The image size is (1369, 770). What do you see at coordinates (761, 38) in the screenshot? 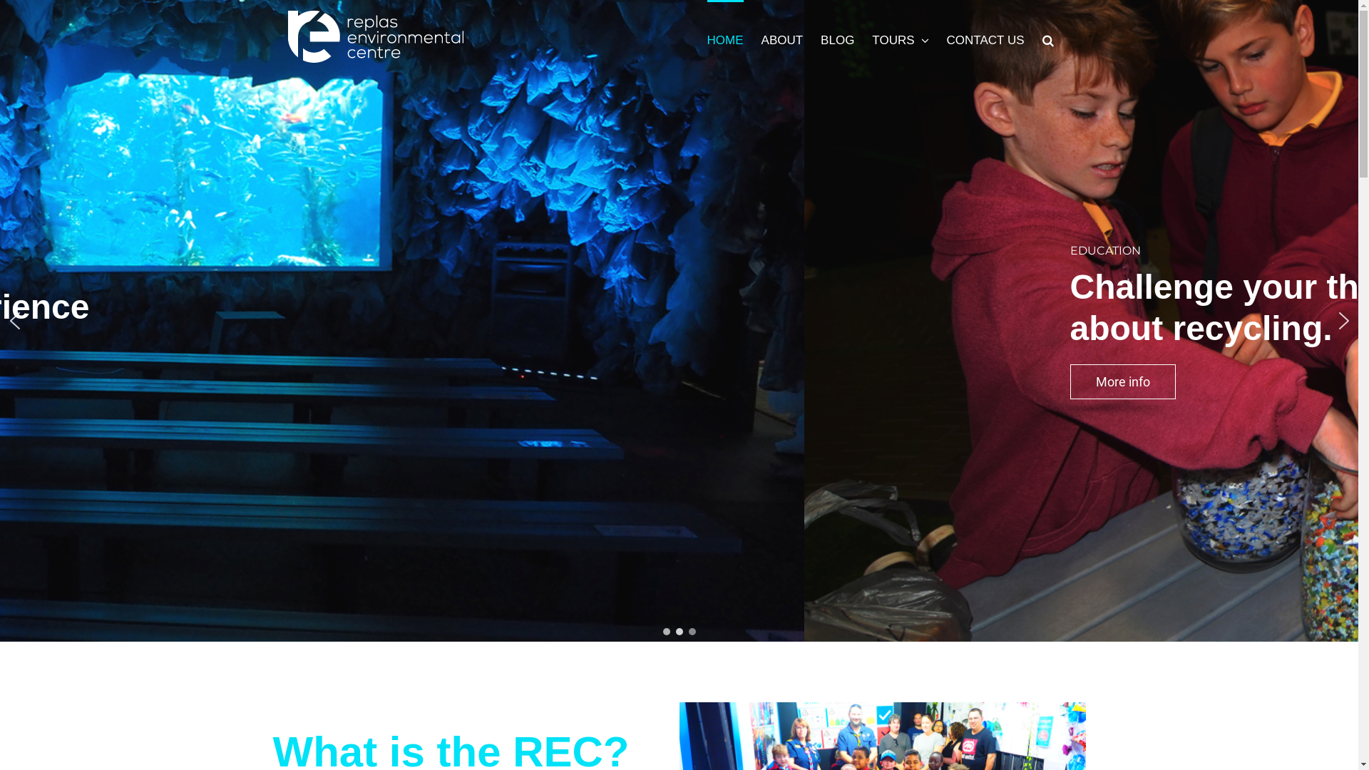
I see `'ABOUT'` at bounding box center [761, 38].